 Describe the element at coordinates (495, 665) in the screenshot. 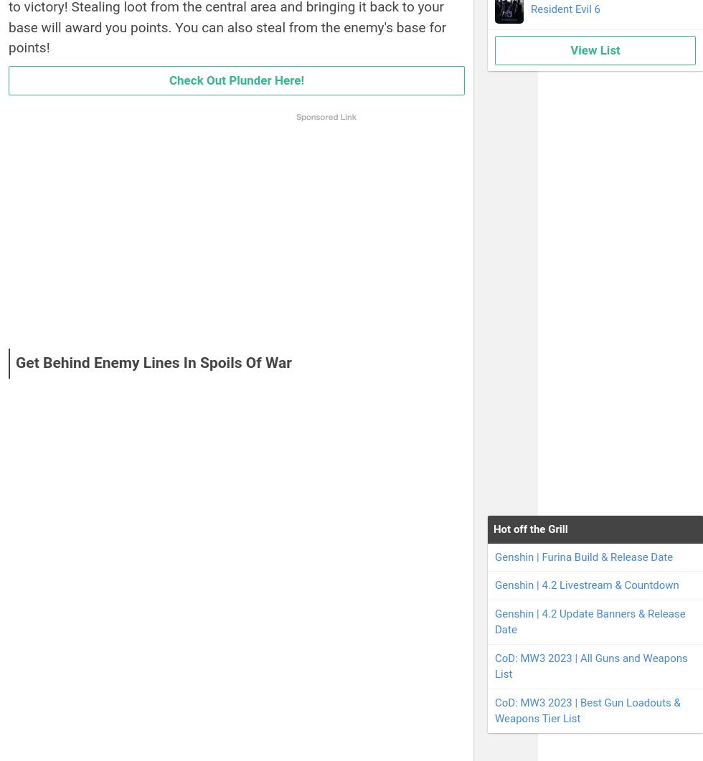

I see `'CoD: MW3 2023 | All Guns and Weapons List'` at that location.